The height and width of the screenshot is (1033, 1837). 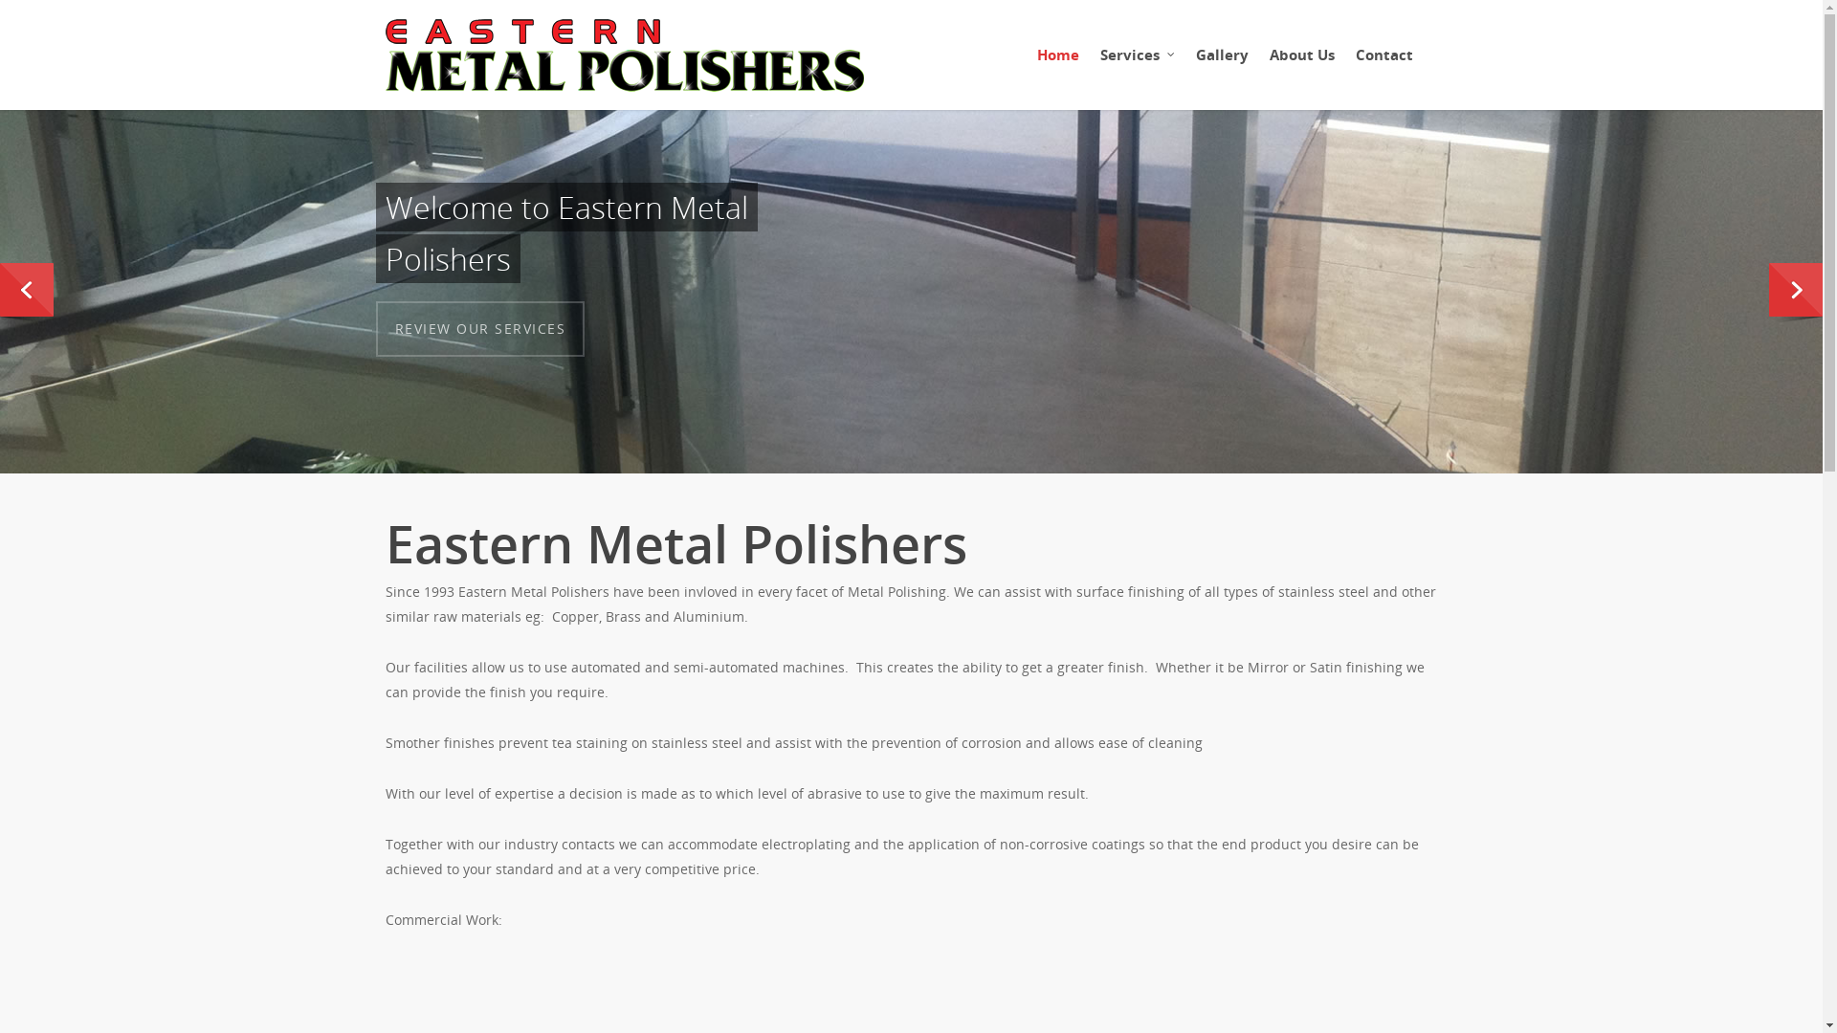 What do you see at coordinates (1138, 63) in the screenshot?
I see `'Services'` at bounding box center [1138, 63].